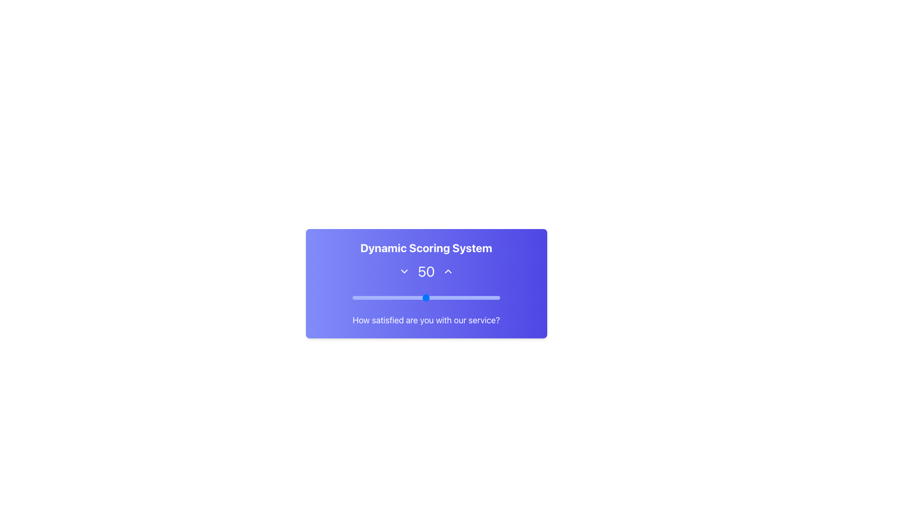 The height and width of the screenshot is (509, 905). What do you see at coordinates (426, 271) in the screenshot?
I see `the prominent text display showing '50' with white font on a blue background, centrally located within the scoring interface` at bounding box center [426, 271].